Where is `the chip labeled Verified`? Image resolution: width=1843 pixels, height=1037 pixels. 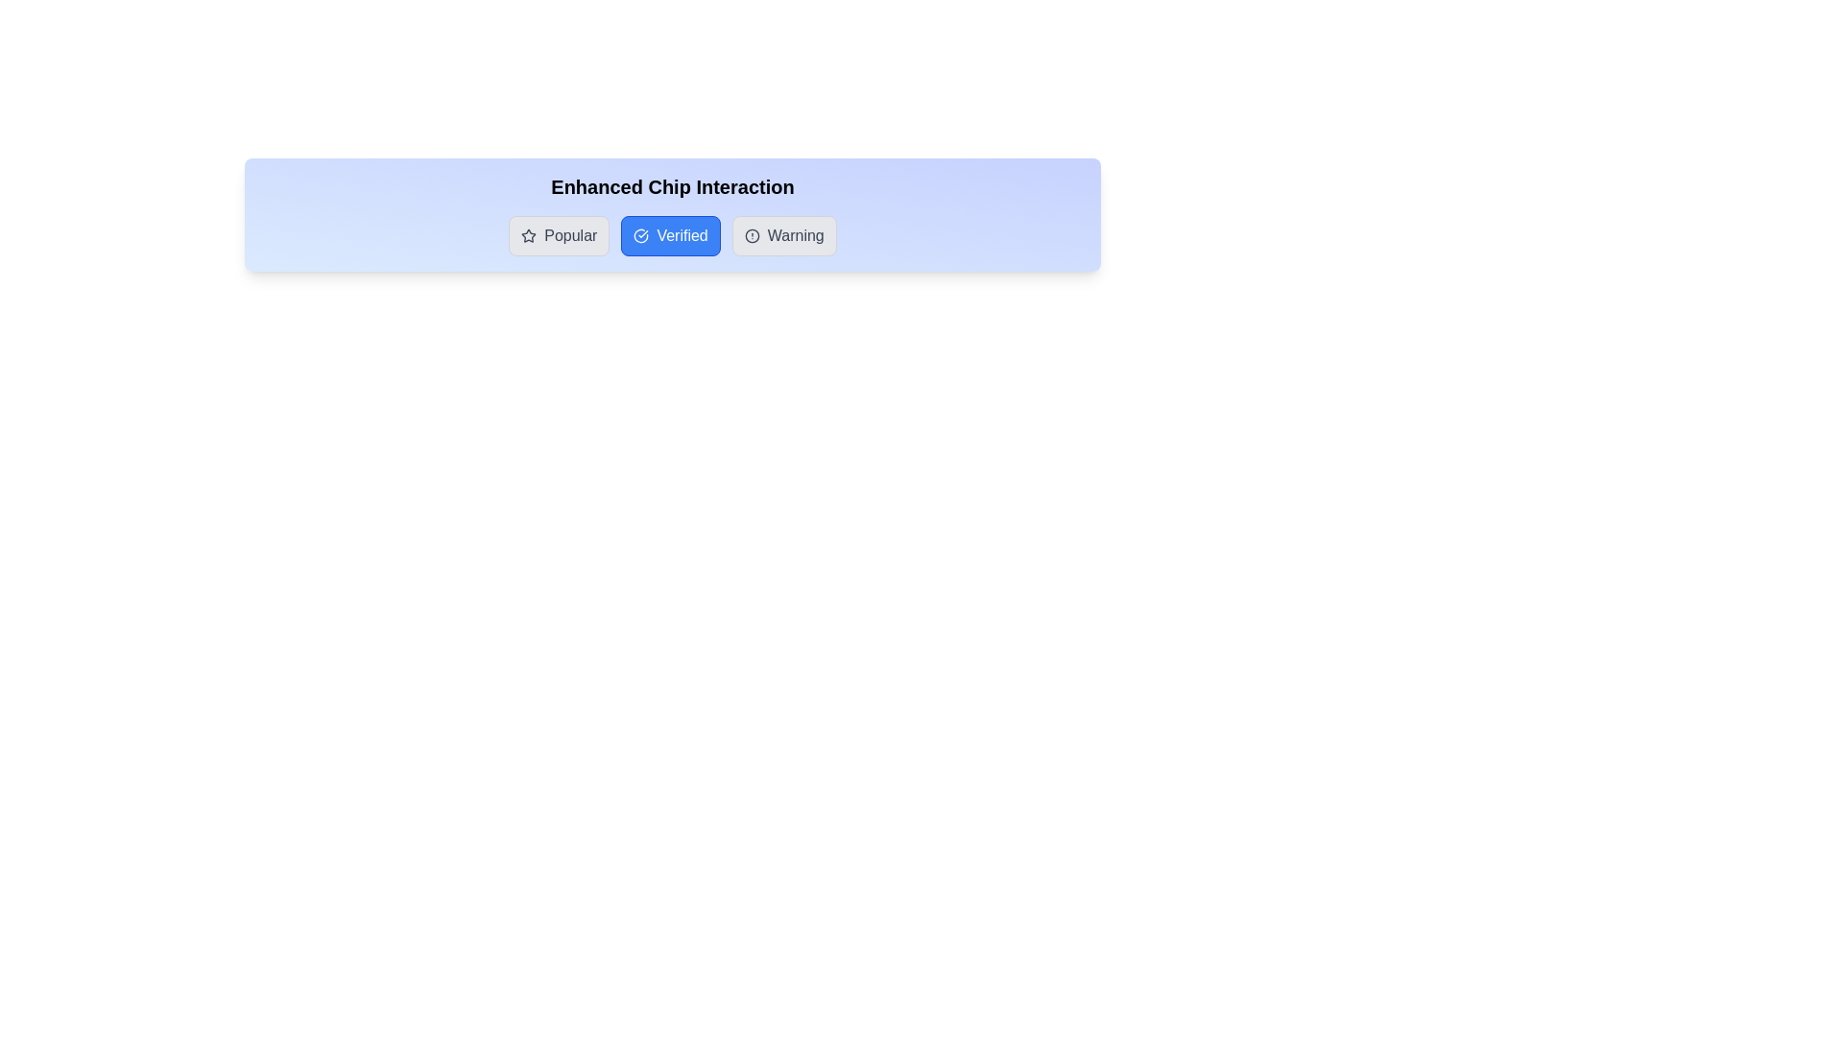 the chip labeled Verified is located at coordinates (671, 235).